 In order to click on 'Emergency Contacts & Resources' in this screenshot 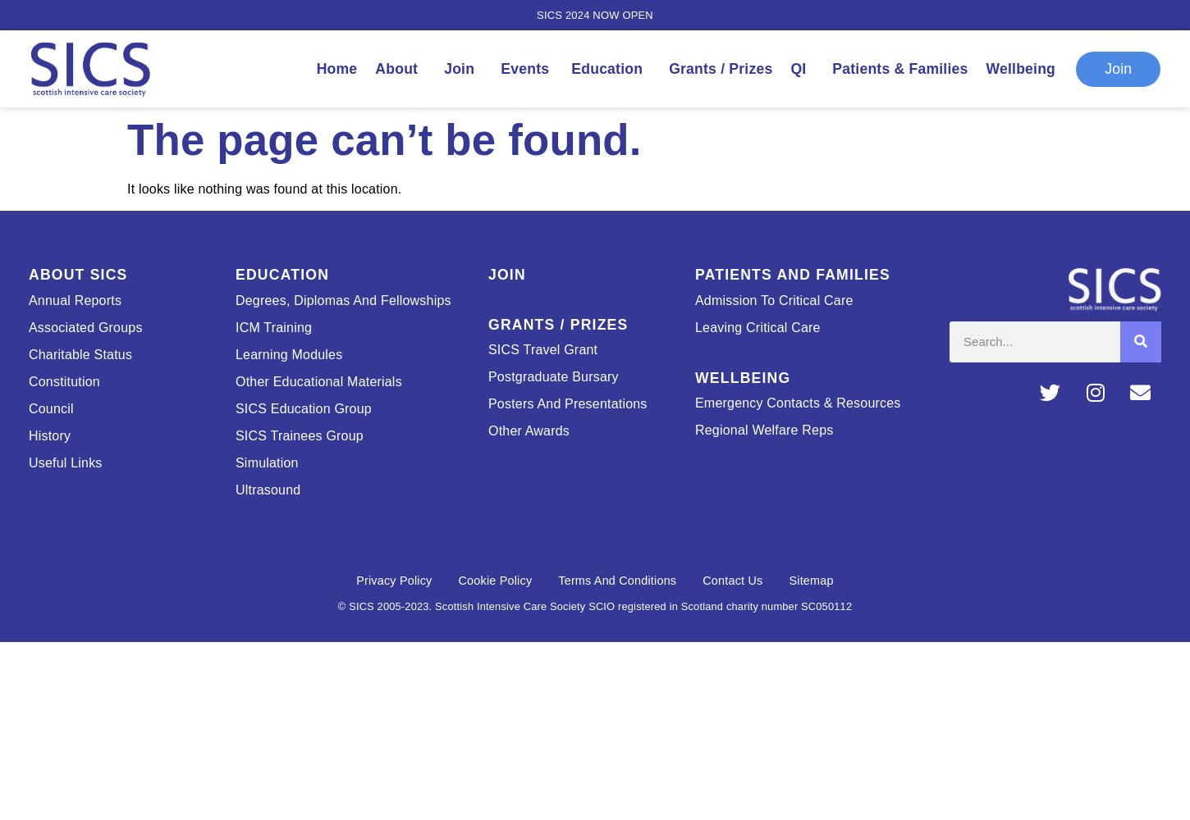, I will do `click(797, 402)`.